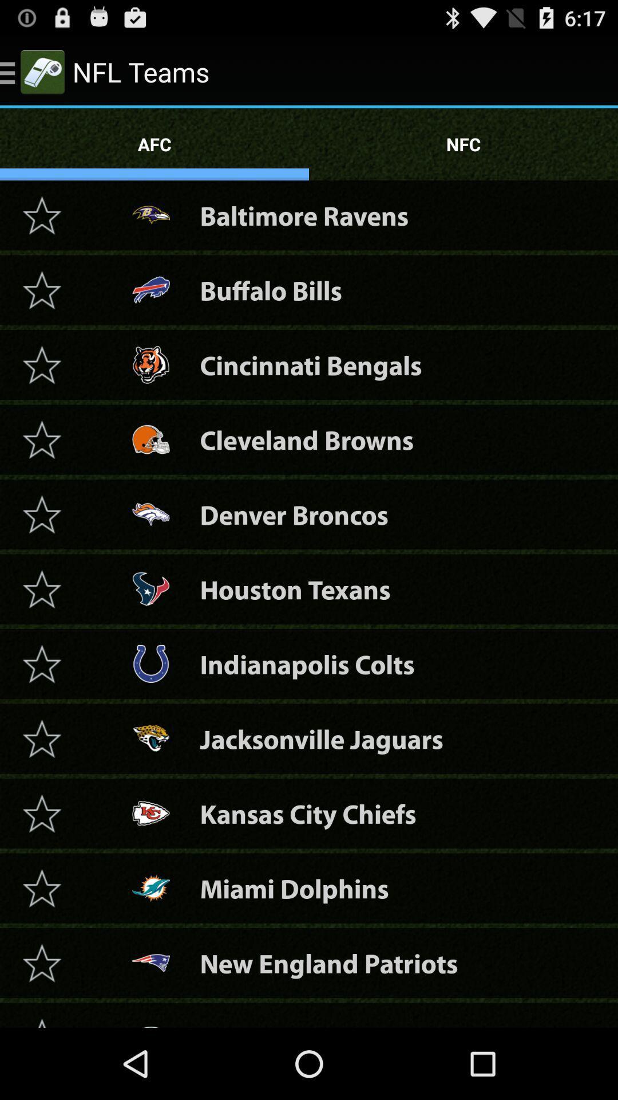 This screenshot has height=1100, width=618. I want to click on bookmark team, so click(41, 513).